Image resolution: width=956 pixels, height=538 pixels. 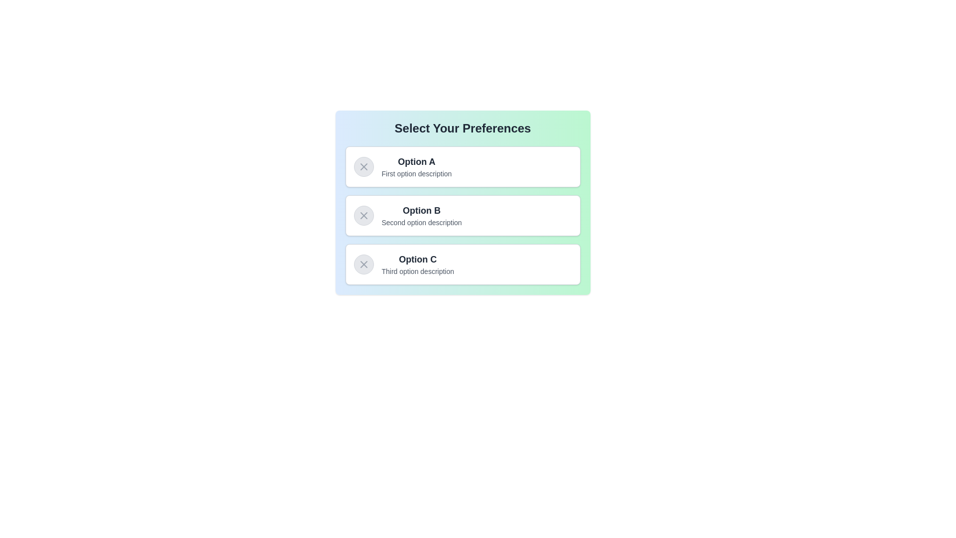 I want to click on the informational text block that provides details for the third option in the preferences list, located under the header 'Select Your Preferences', below 'Option A' and 'Option B', so click(x=418, y=264).